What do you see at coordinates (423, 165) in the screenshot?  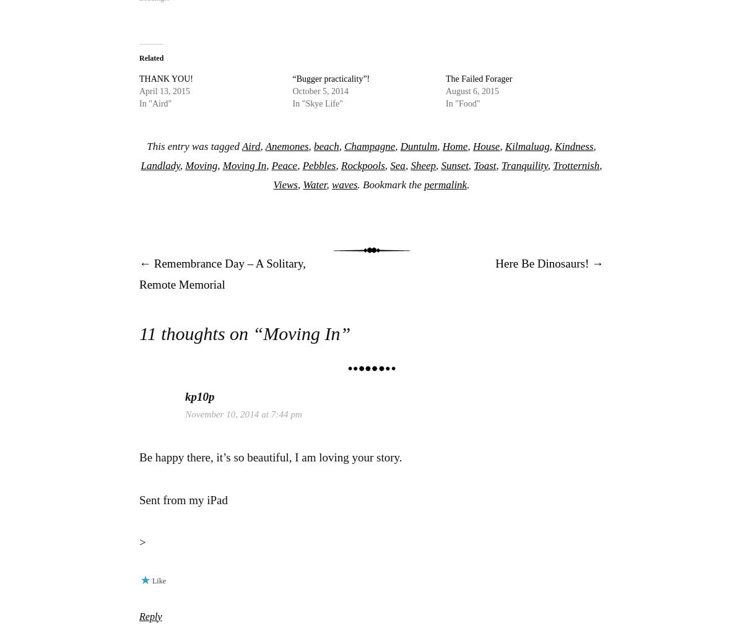 I see `'Sheep'` at bounding box center [423, 165].